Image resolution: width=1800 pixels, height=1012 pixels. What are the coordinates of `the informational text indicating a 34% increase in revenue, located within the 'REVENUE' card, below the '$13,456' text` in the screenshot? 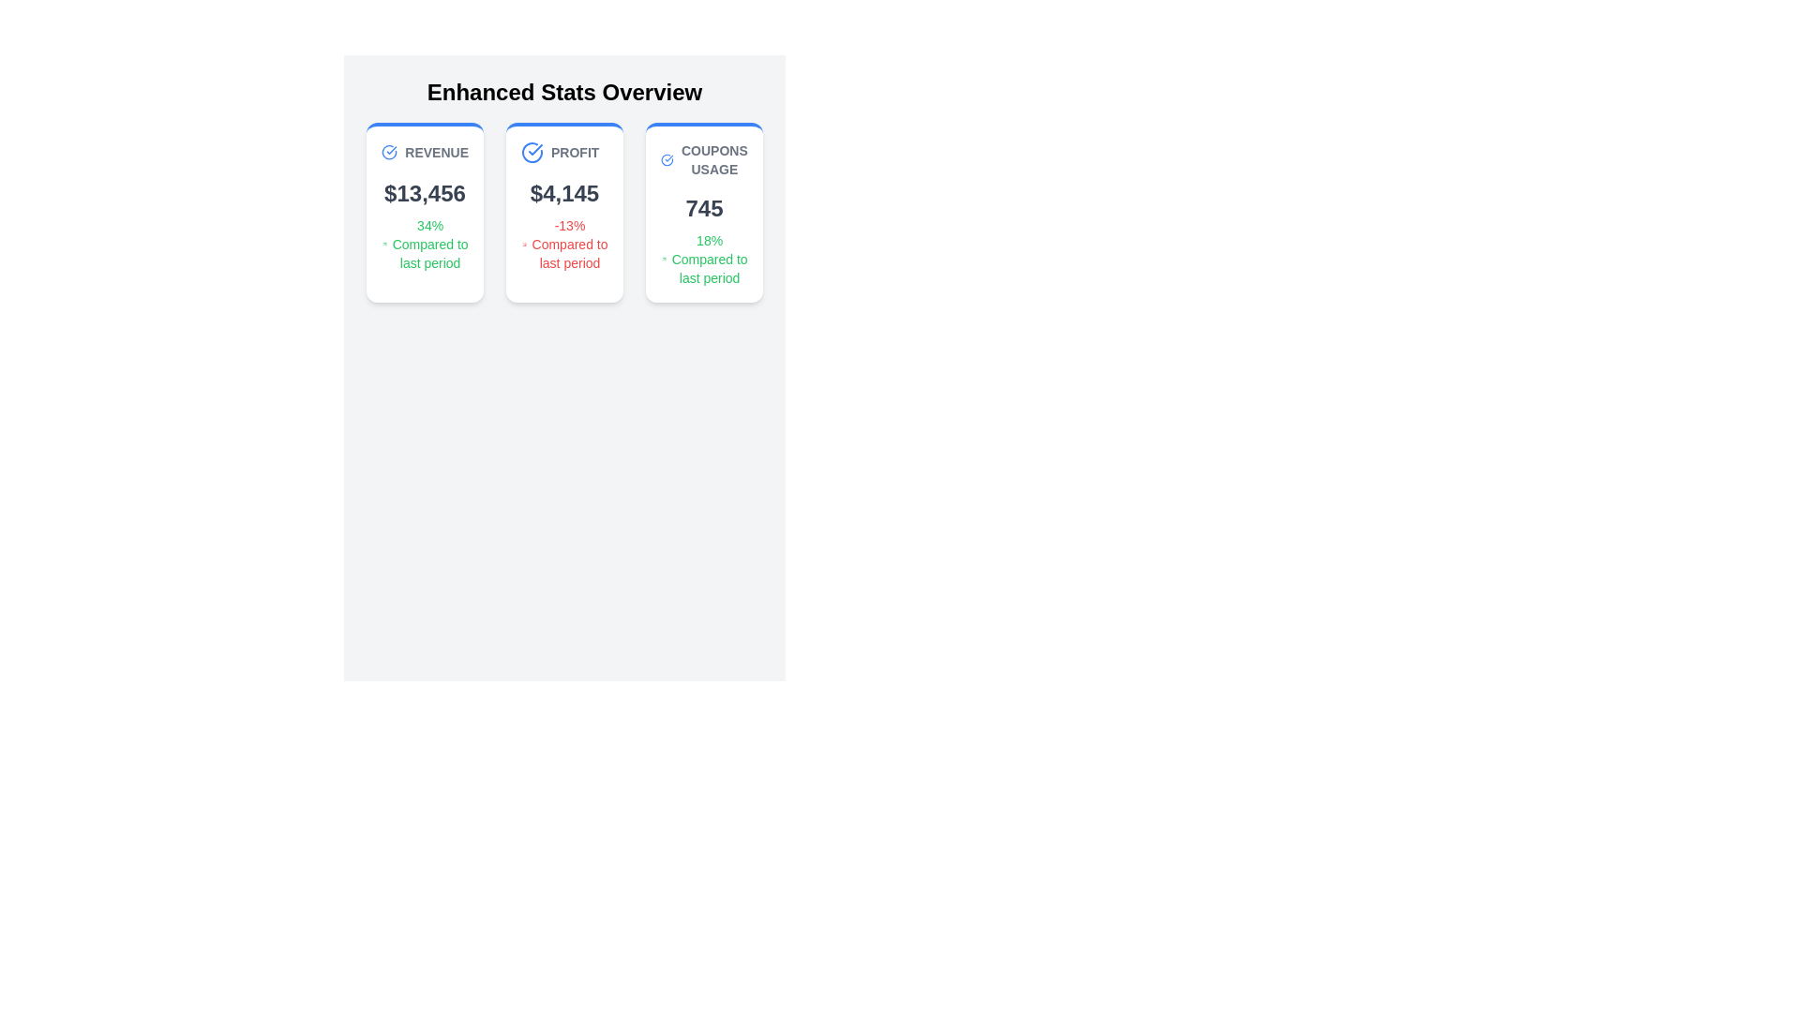 It's located at (424, 244).